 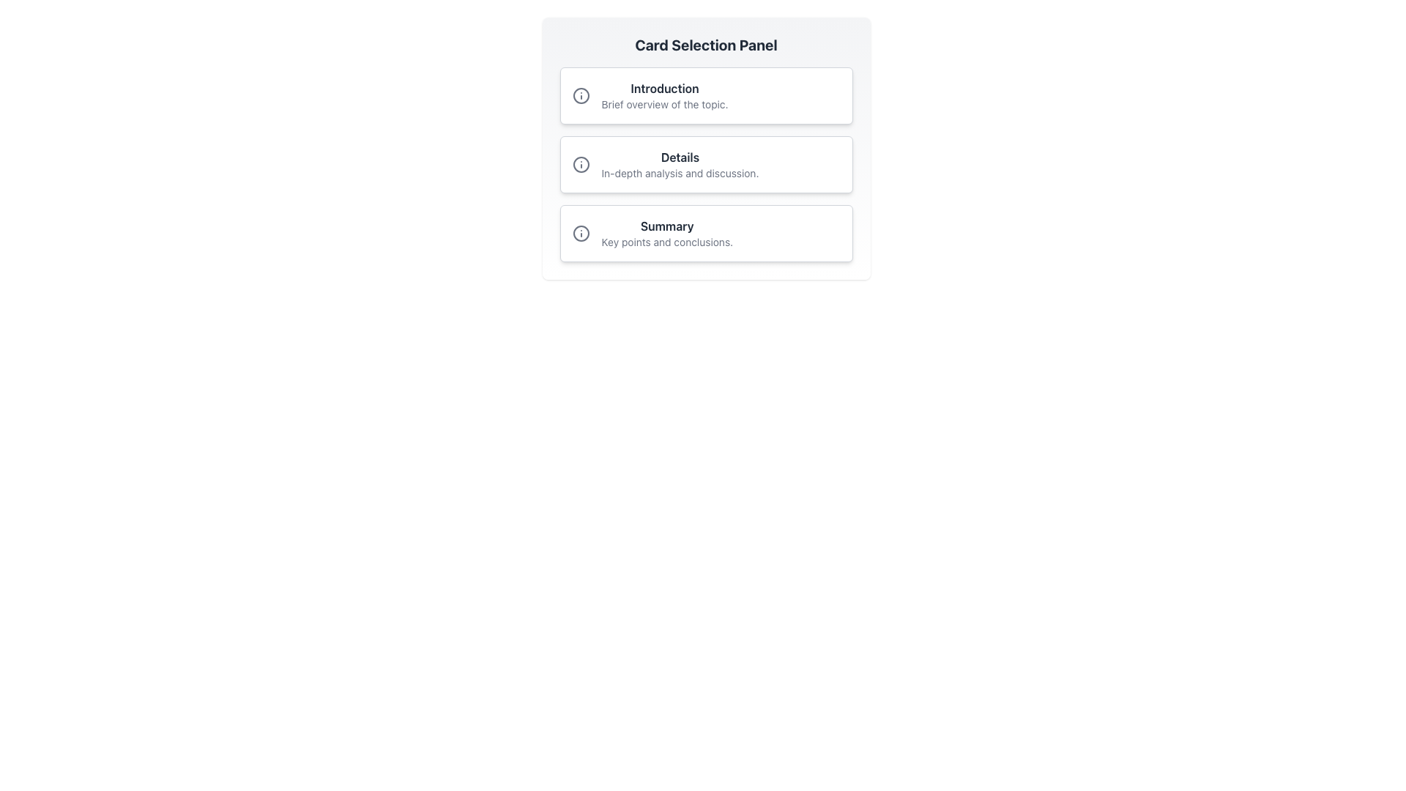 I want to click on the text block of the first card in the 'Card Selection Panel', so click(x=663, y=96).